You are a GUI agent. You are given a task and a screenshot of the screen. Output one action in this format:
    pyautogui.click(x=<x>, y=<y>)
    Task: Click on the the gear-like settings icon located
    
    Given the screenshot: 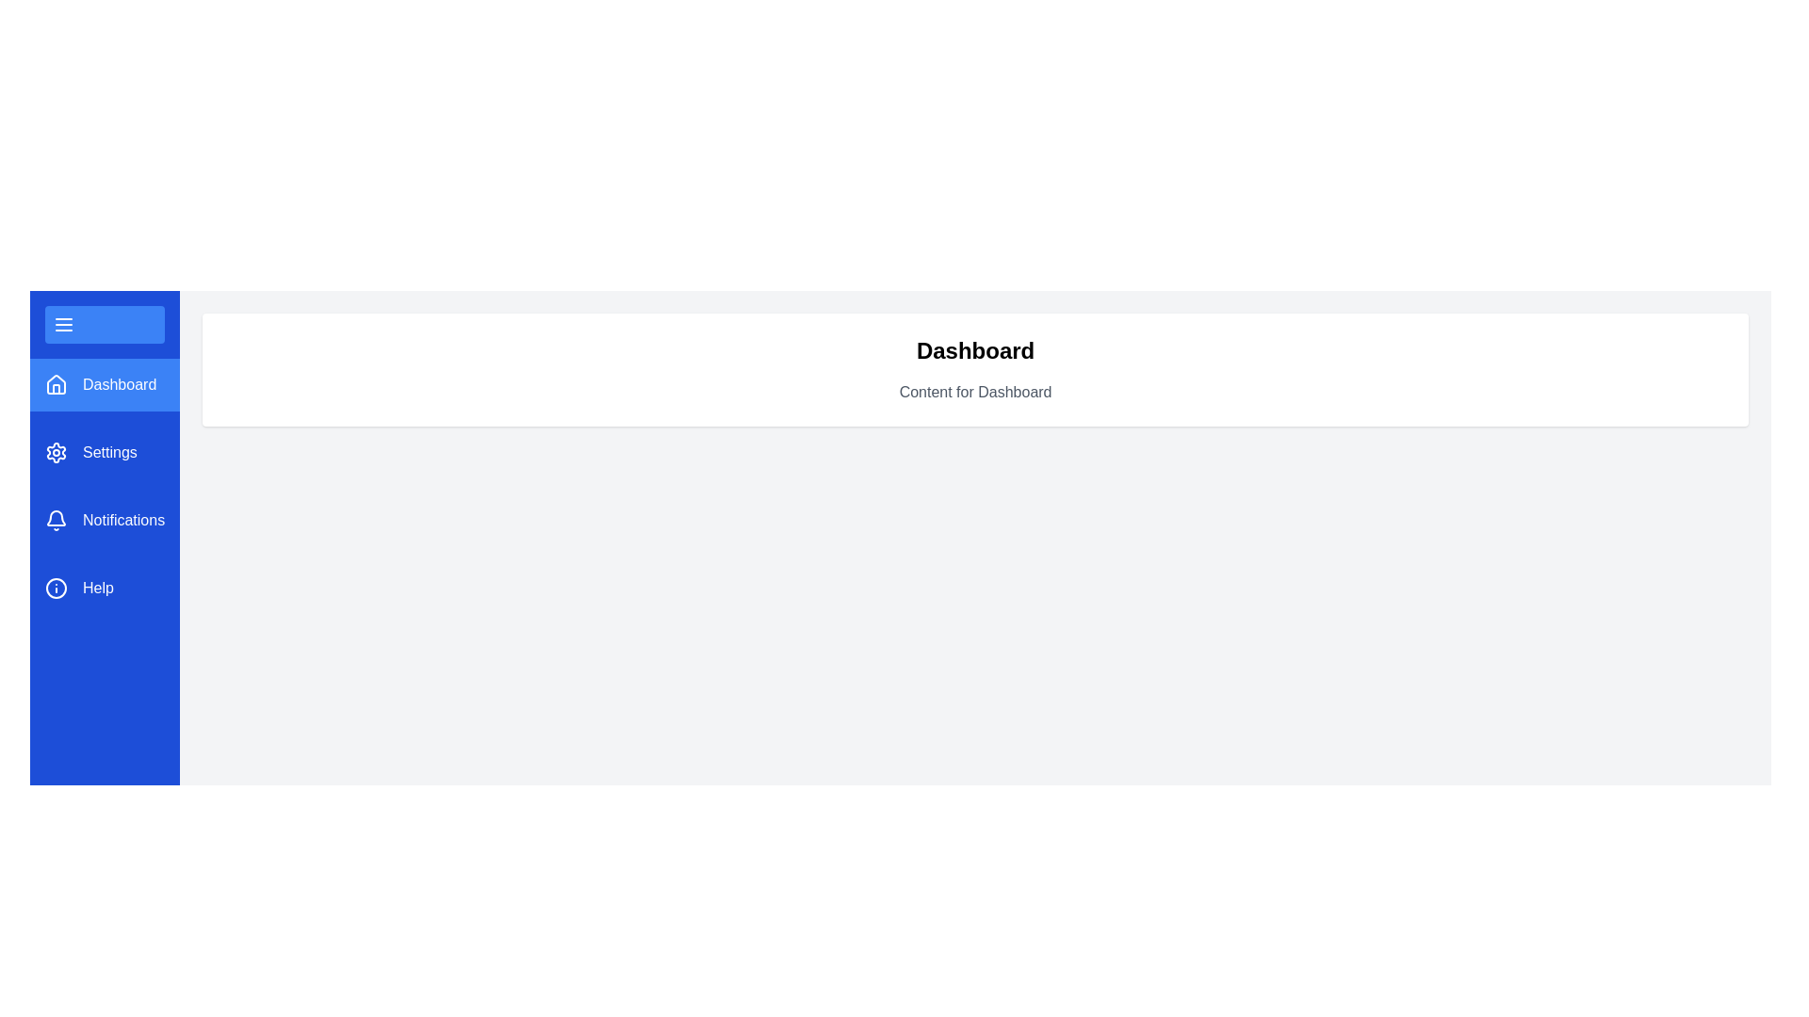 What is the action you would take?
    pyautogui.click(x=56, y=453)
    